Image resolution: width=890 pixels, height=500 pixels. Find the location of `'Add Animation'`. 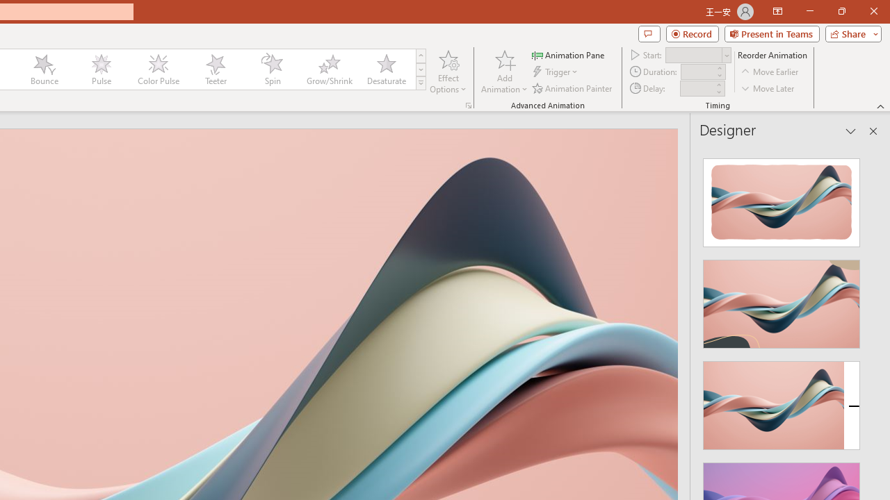

'Add Animation' is located at coordinates (503, 72).